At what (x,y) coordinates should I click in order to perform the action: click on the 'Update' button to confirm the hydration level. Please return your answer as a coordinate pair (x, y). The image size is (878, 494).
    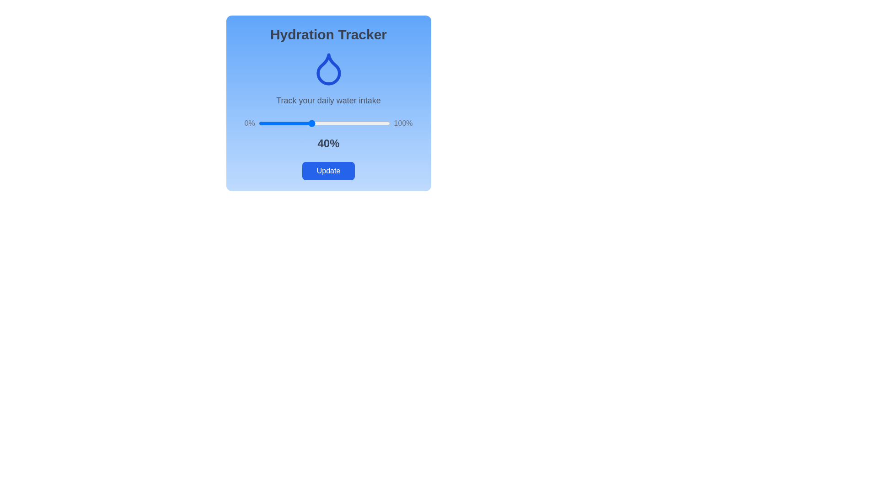
    Looking at the image, I should click on (328, 171).